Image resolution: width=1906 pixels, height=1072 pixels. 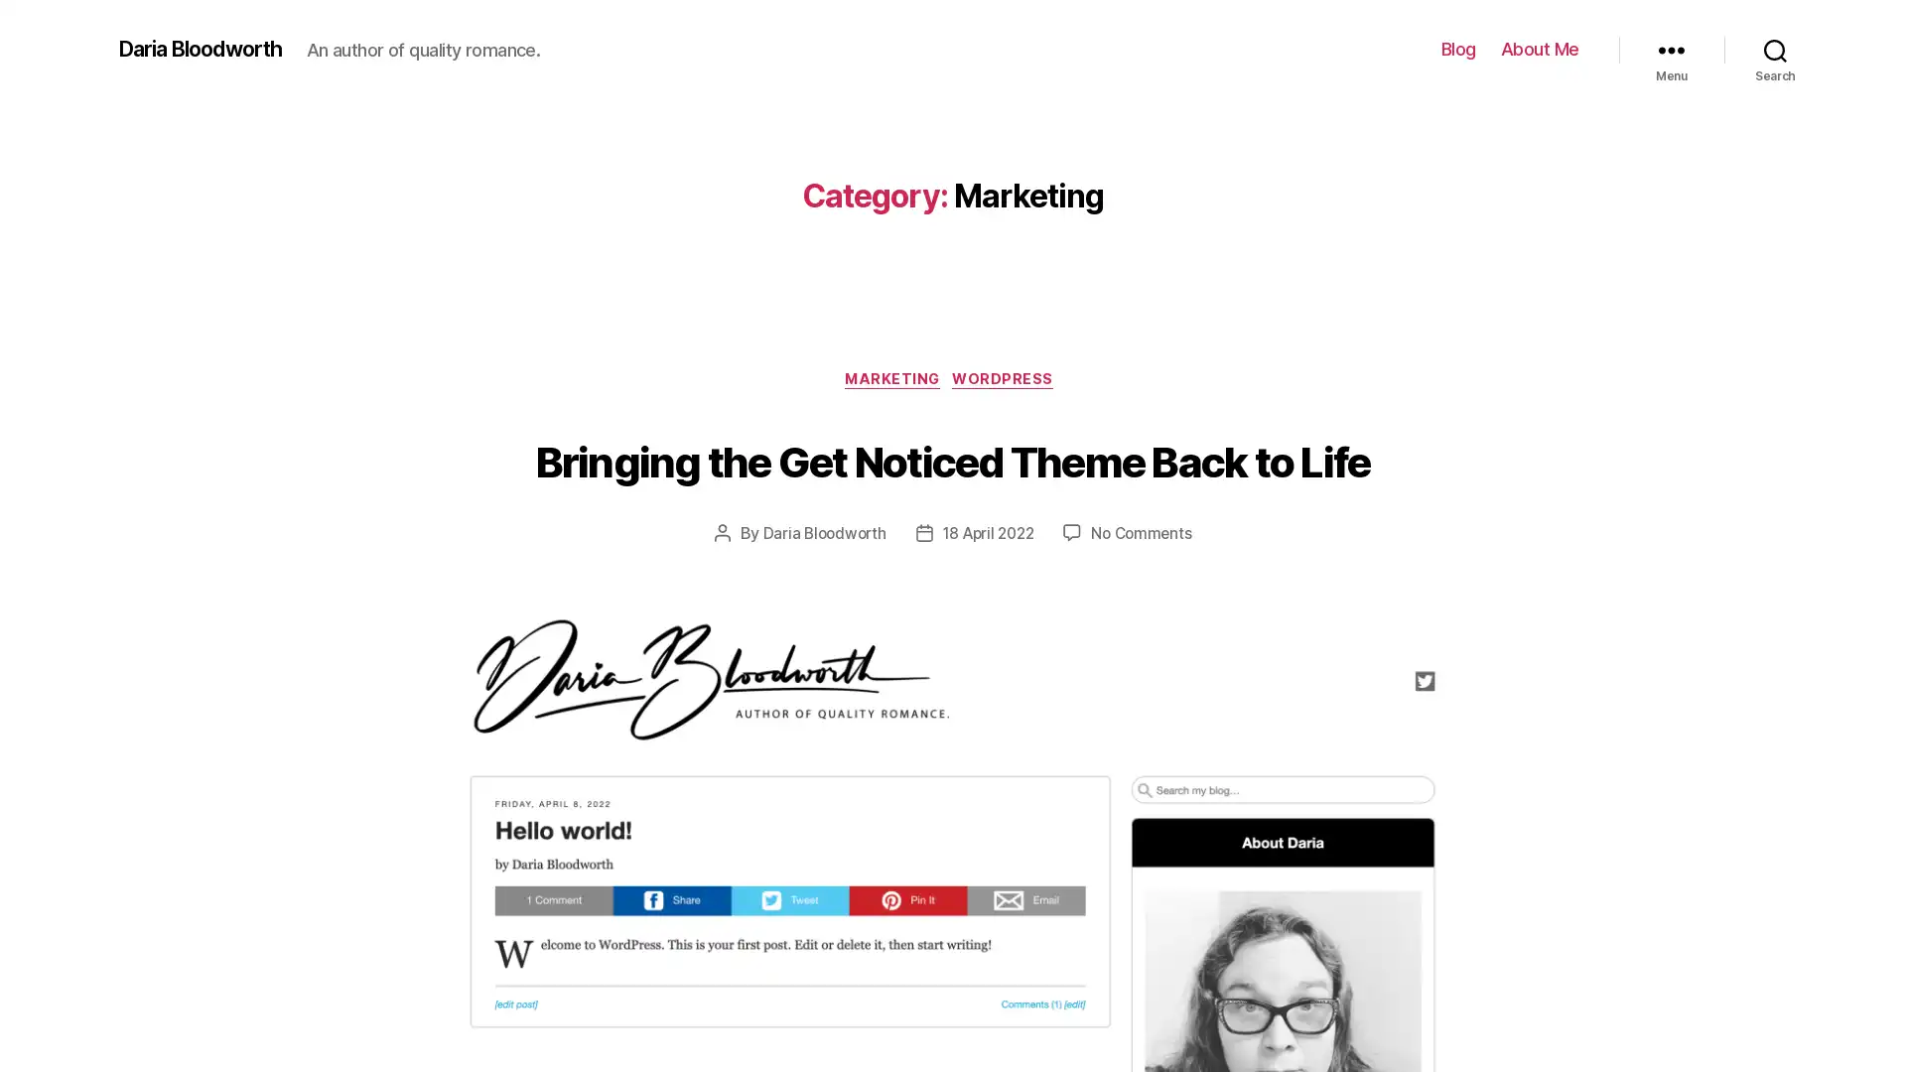 What do you see at coordinates (1775, 49) in the screenshot?
I see `Search` at bounding box center [1775, 49].